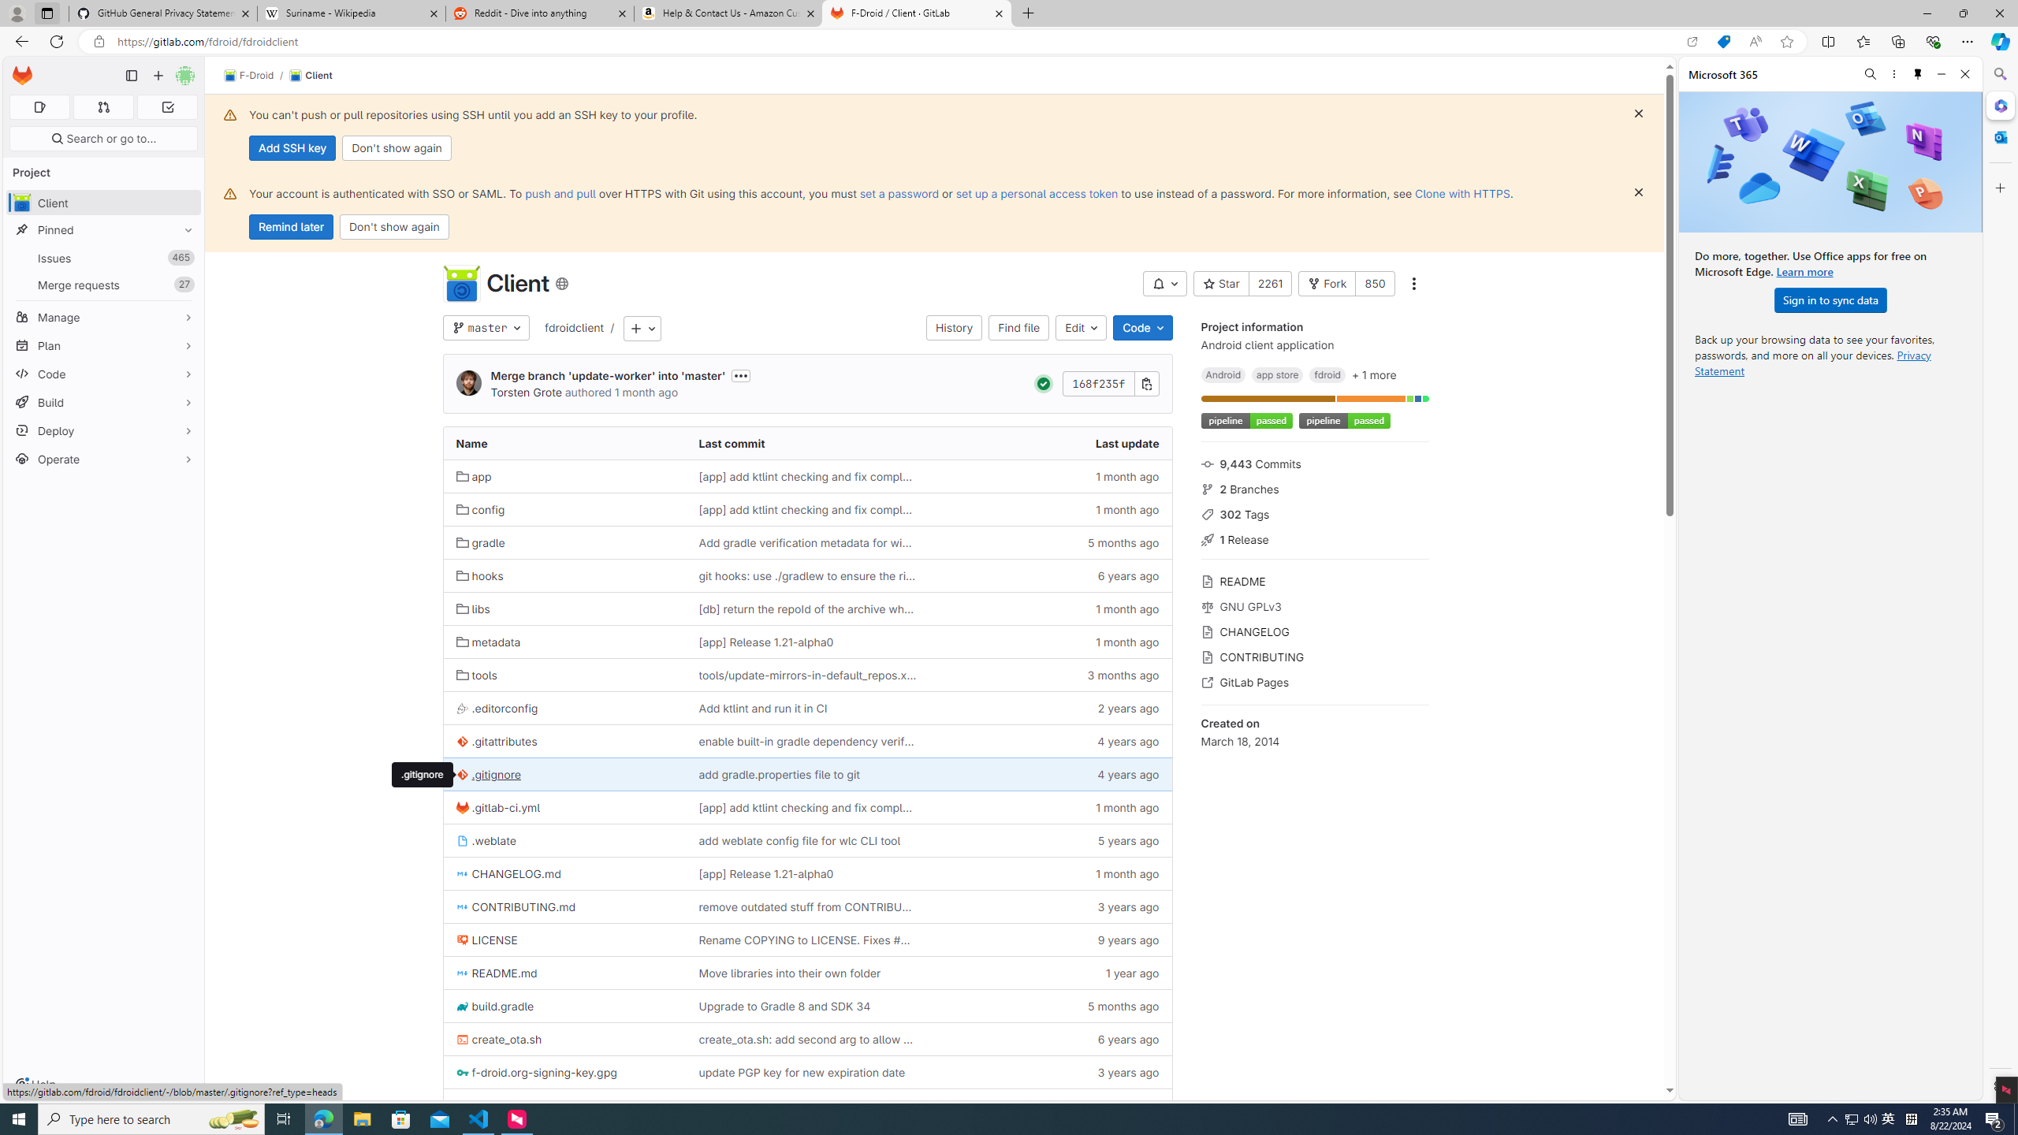 This screenshot has width=2018, height=1135. I want to click on 'update PGP key for new expiration date', so click(801, 1072).